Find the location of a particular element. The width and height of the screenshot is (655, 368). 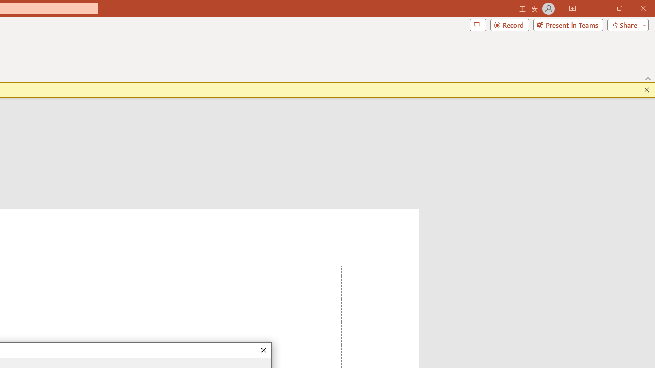

'Close this message' is located at coordinates (646, 89).